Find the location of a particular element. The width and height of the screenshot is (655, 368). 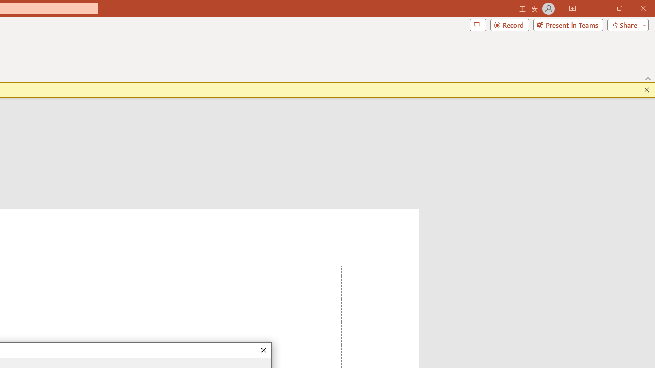

'Close this message' is located at coordinates (646, 89).